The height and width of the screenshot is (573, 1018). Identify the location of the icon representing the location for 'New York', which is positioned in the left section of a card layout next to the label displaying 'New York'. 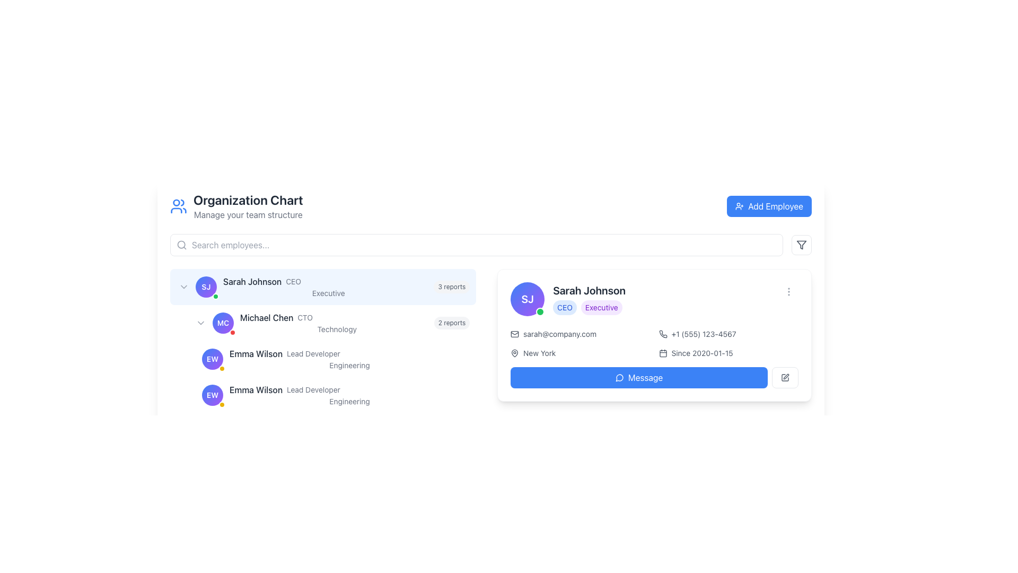
(515, 353).